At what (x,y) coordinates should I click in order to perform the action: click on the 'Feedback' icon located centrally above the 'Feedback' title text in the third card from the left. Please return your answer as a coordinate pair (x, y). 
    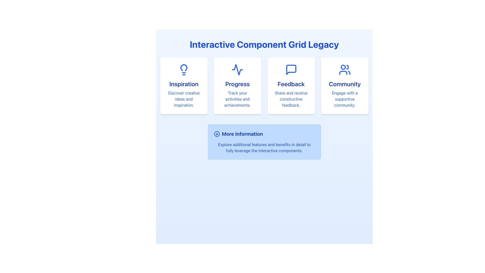
    Looking at the image, I should click on (291, 70).